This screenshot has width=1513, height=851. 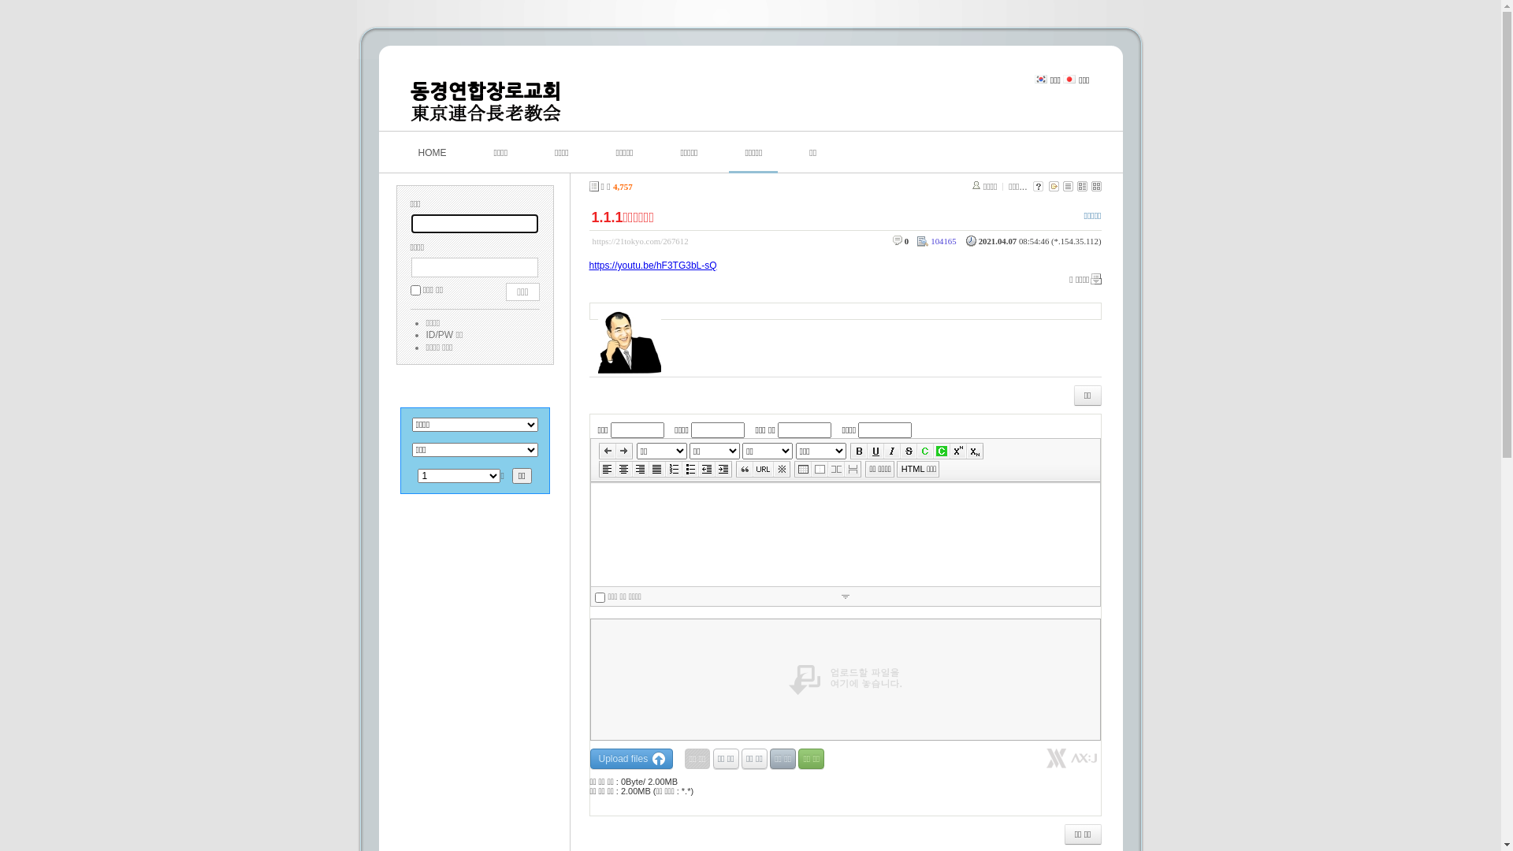 What do you see at coordinates (640, 240) in the screenshot?
I see `'https://21tokyo.com/267612'` at bounding box center [640, 240].